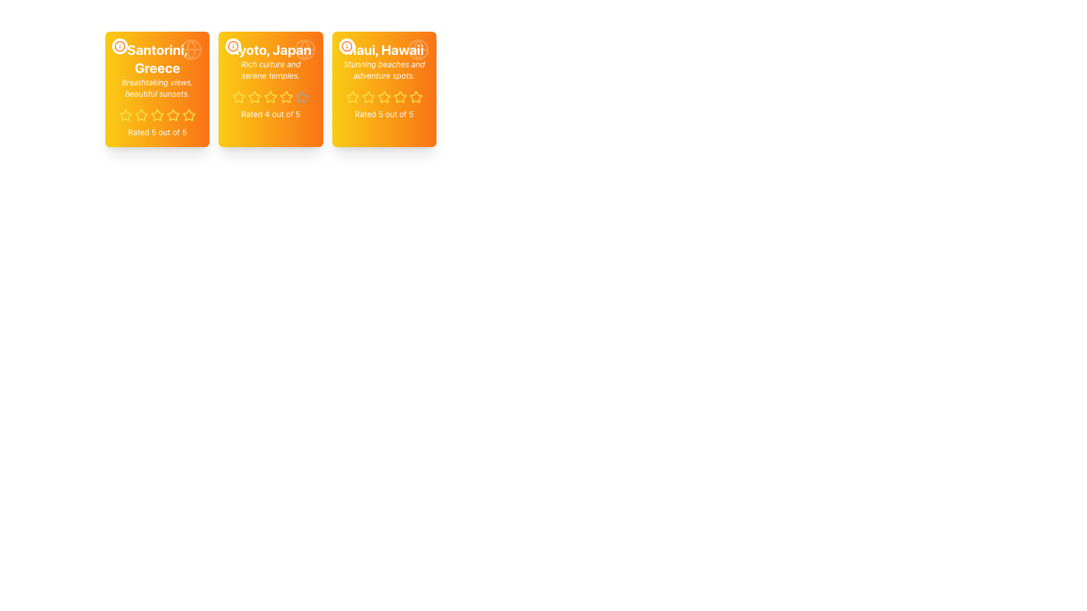 Image resolution: width=1087 pixels, height=611 pixels. What do you see at coordinates (270, 114) in the screenshot?
I see `the text block that provides a summary description of the rating for Kyoto, Japan, located at the bottom of the card component, directly below the star rating section` at bounding box center [270, 114].